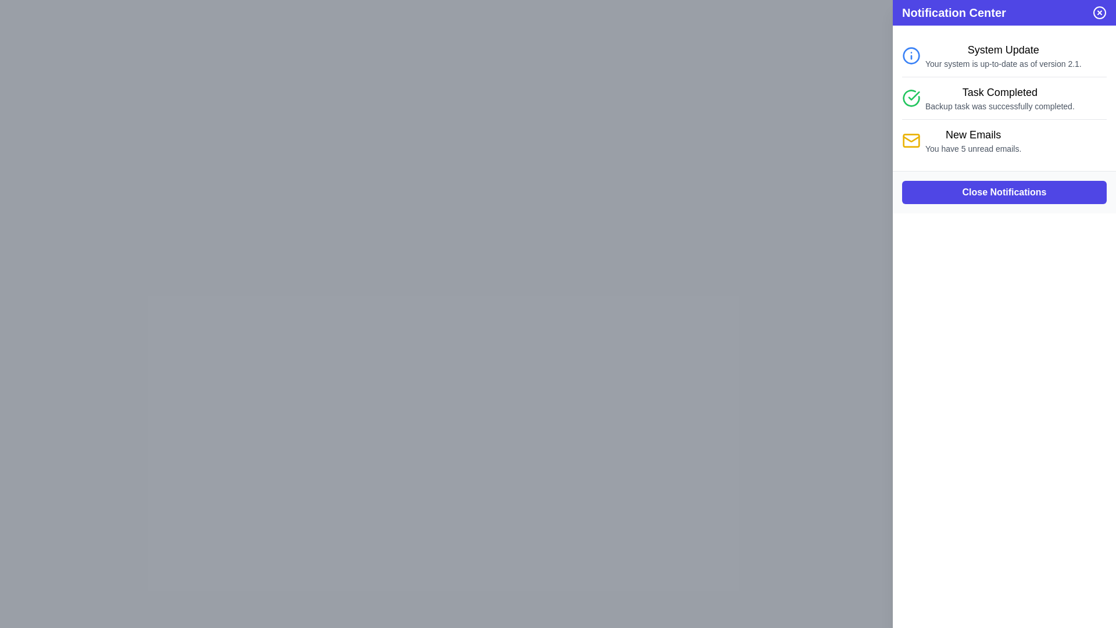 The width and height of the screenshot is (1116, 628). I want to click on the SVG-based informational icon located in the notification panel under the title 'System Update', which is aligned to the left of the text, so click(911, 56).